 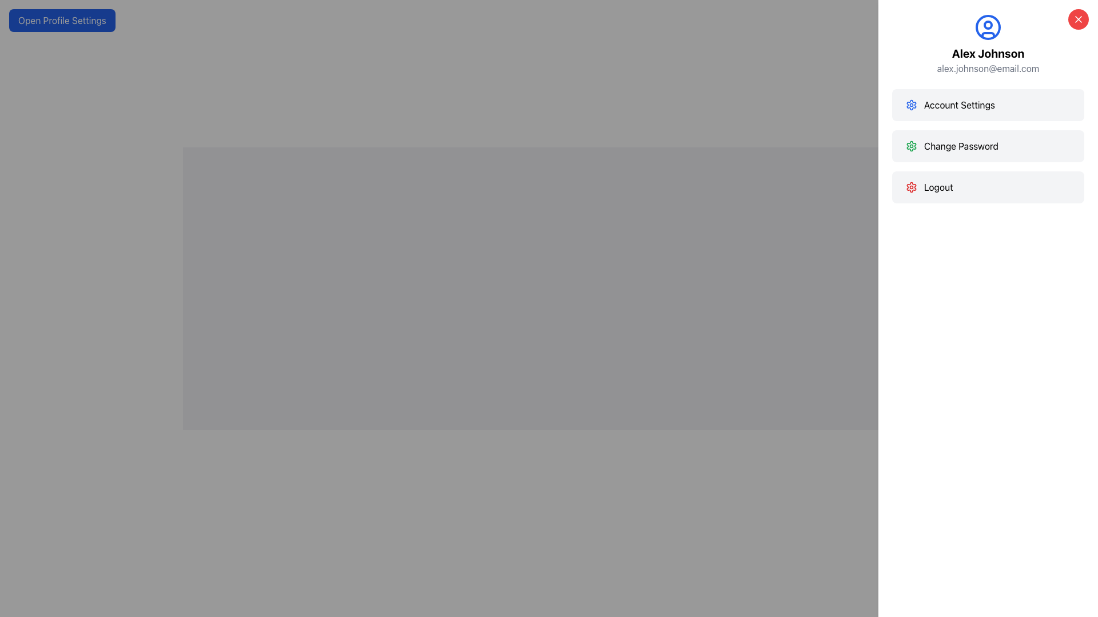 What do you see at coordinates (988, 105) in the screenshot?
I see `the 'Account Settings' button, which is a horizontal button with rounded corners and a light gray background` at bounding box center [988, 105].